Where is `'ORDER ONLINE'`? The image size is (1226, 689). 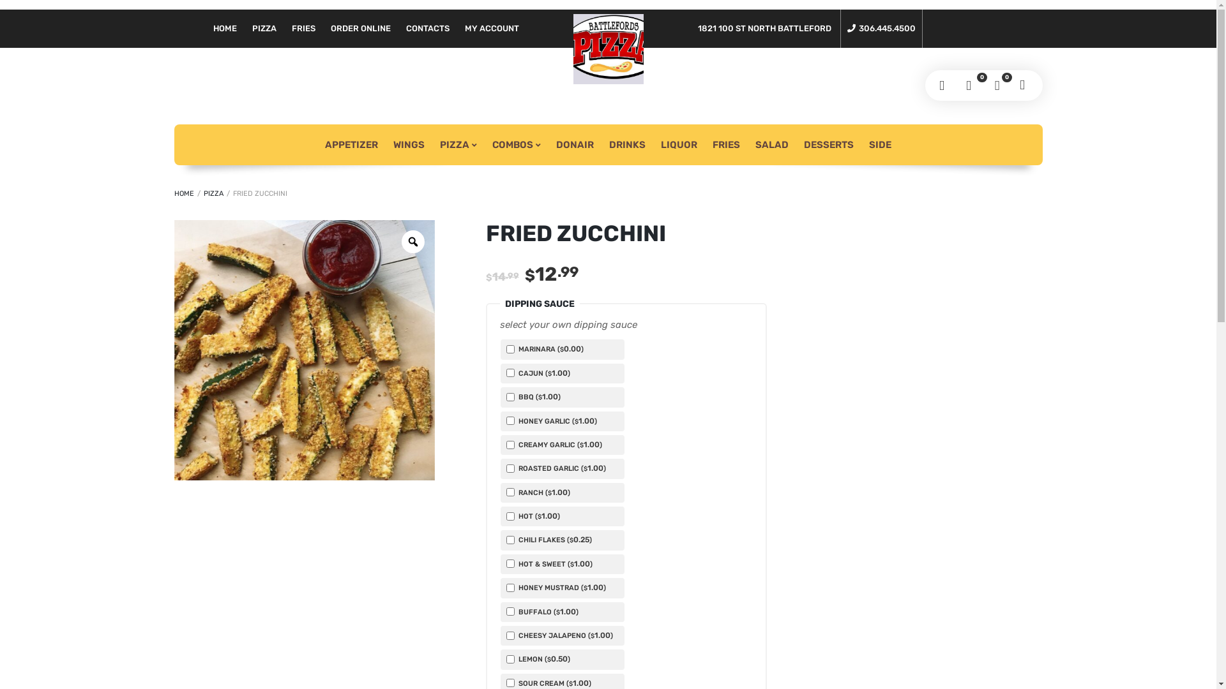 'ORDER ONLINE' is located at coordinates (360, 29).